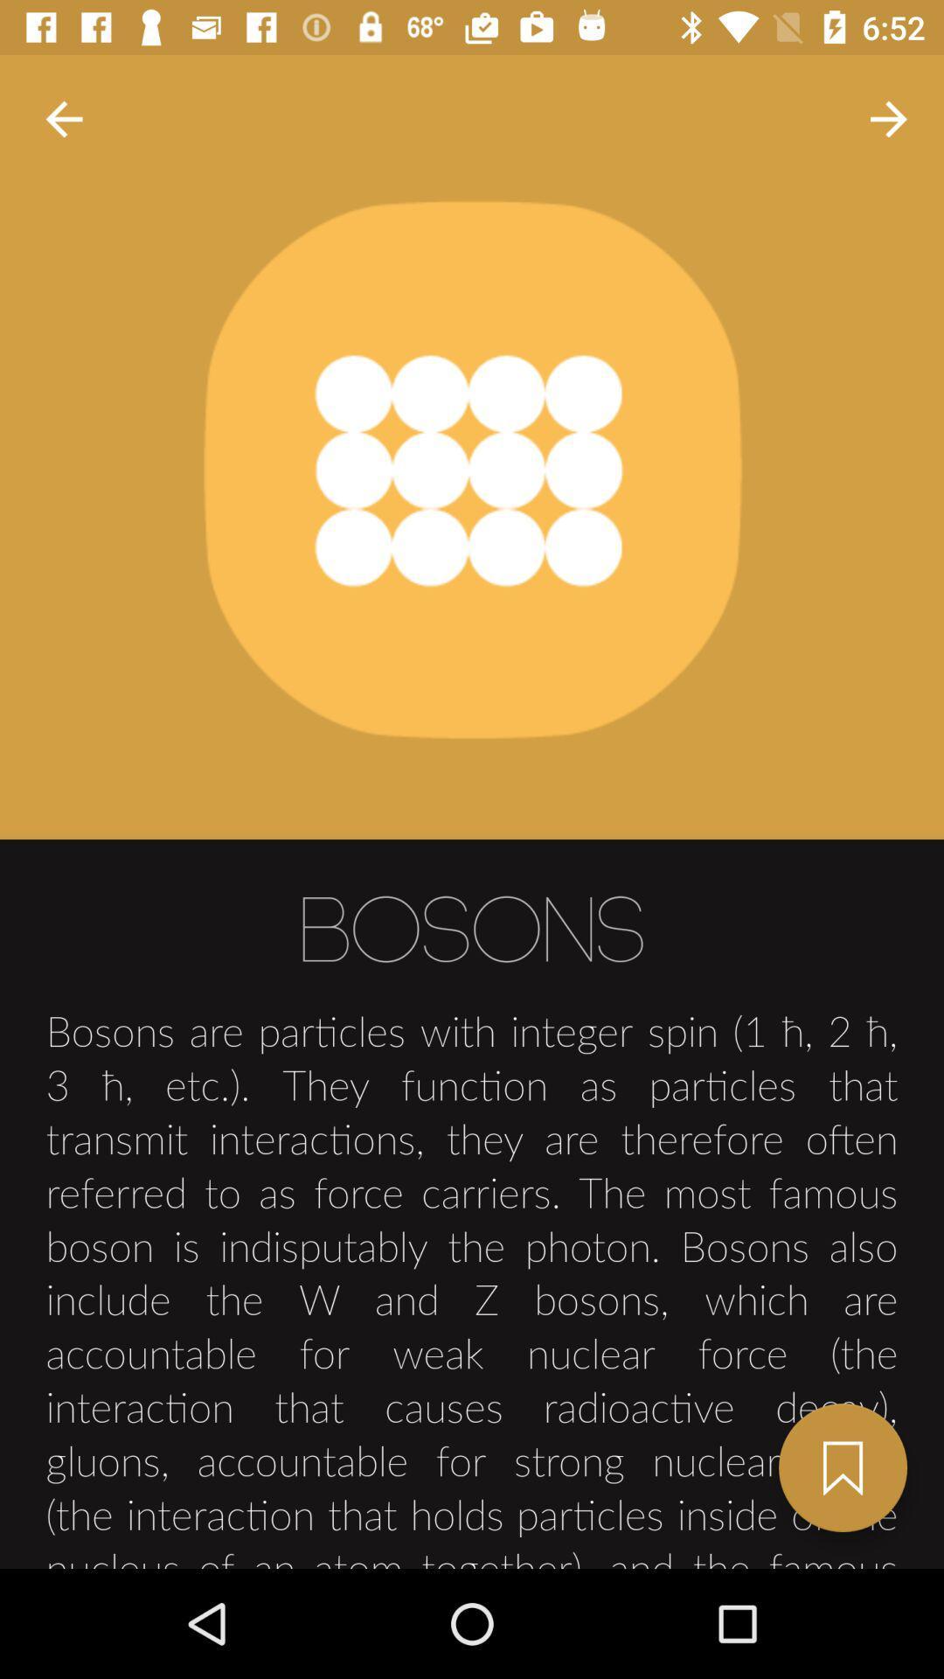 This screenshot has height=1679, width=944. What do you see at coordinates (842, 1467) in the screenshot?
I see `go the next` at bounding box center [842, 1467].